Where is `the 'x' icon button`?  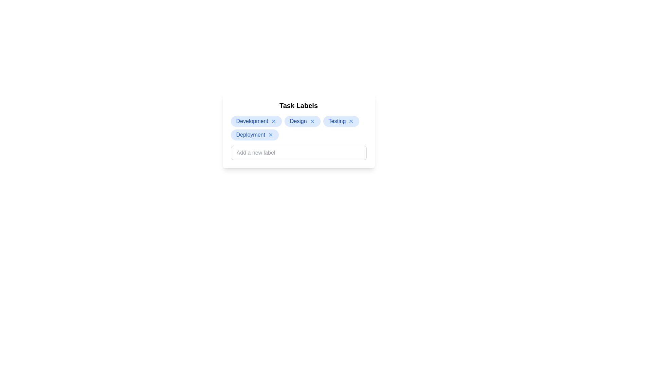
the 'x' icon button is located at coordinates (273, 121).